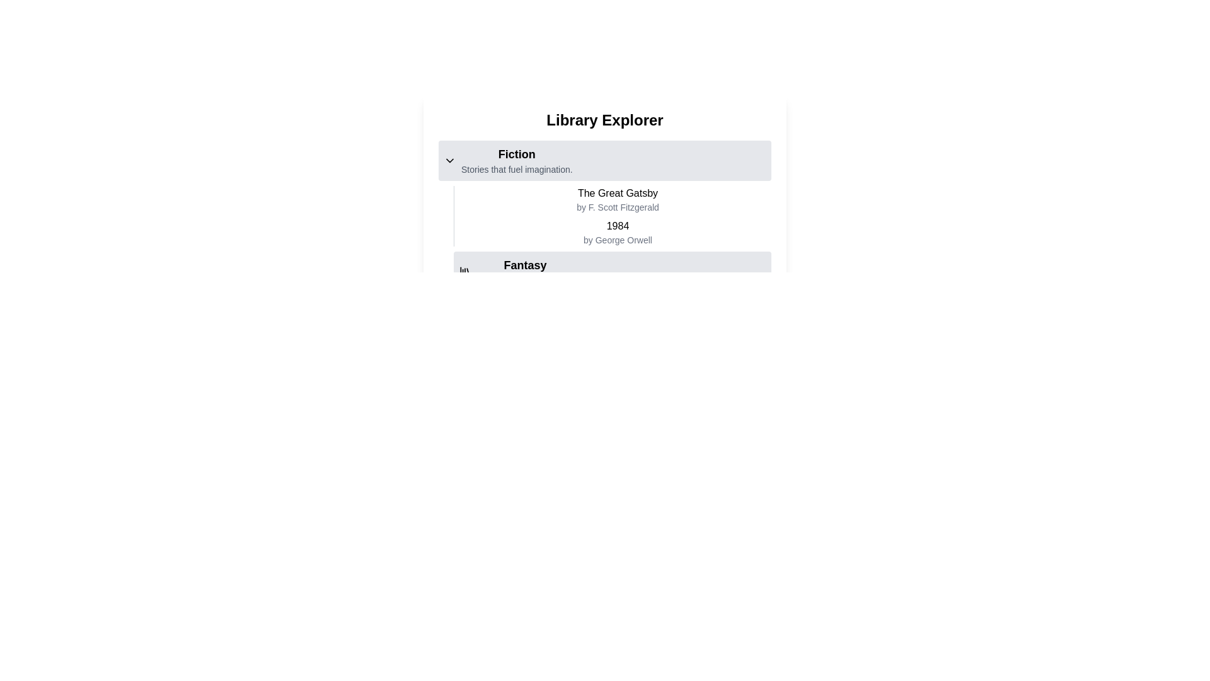 The image size is (1210, 681). I want to click on the Composite text section that contains the heading 'Fiction' and subtitle 'Stories that fuel imagination', which is visually distinct with a bold heading and lighter subtitle, positioned below the 'Library Explorer' title, so click(517, 160).